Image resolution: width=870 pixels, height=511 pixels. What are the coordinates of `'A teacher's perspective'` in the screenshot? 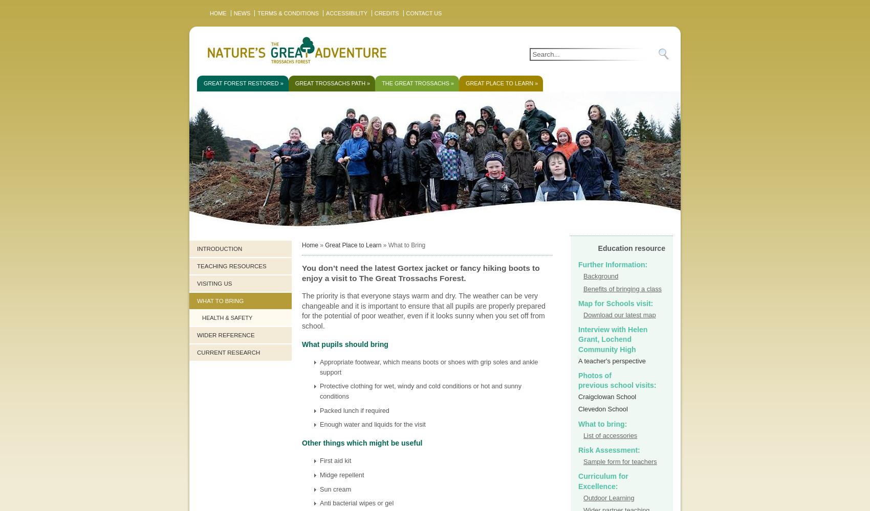 It's located at (611, 360).